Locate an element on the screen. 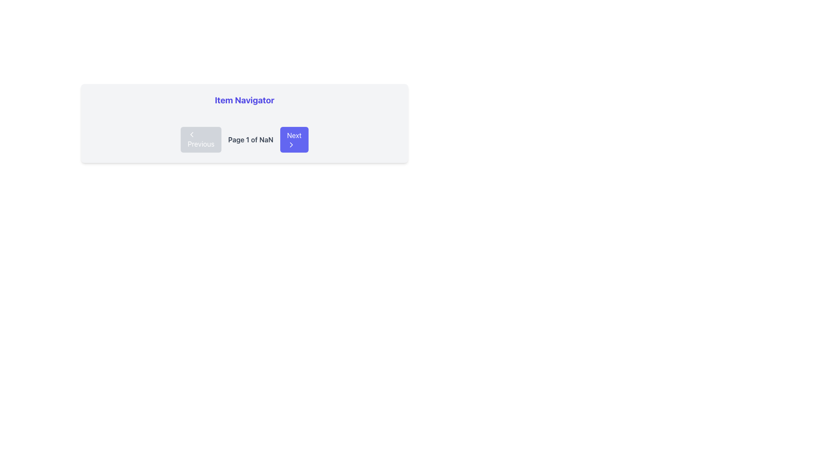 This screenshot has width=824, height=463. the right-pointing chevron arrow icon within the 'Next' button located in the lower right portion of the control panel is located at coordinates (291, 144).